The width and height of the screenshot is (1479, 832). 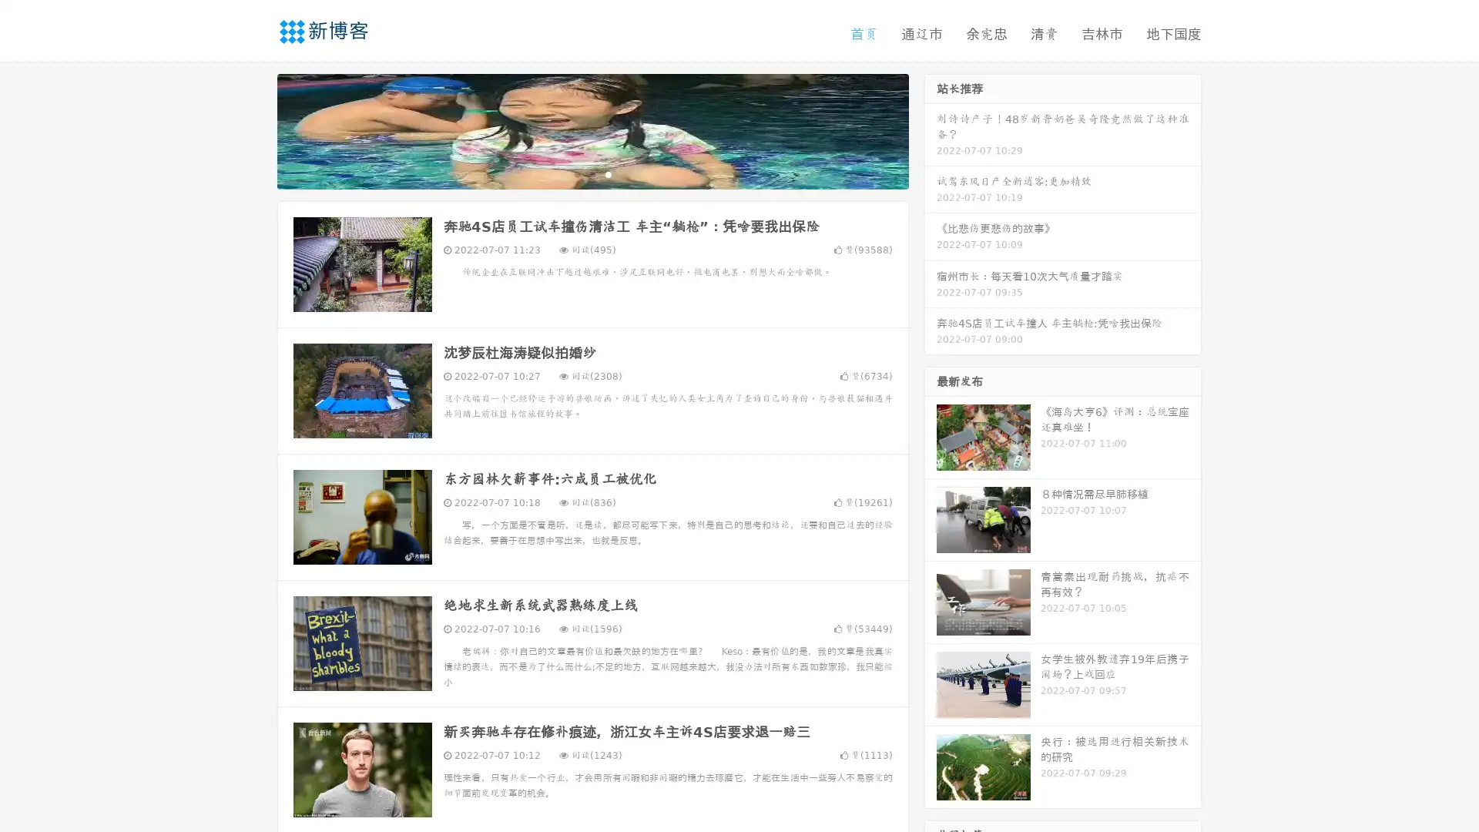 What do you see at coordinates (931, 129) in the screenshot?
I see `Next slide` at bounding box center [931, 129].